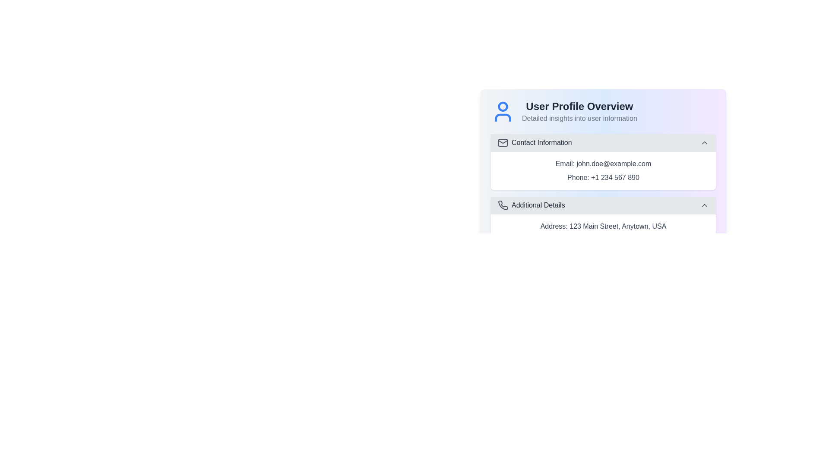 The width and height of the screenshot is (829, 466). What do you see at coordinates (603, 162) in the screenshot?
I see `the contact detail box titled 'Contact Information', which contains an email address 'john.doe@example.com' and a phone number '+1 234 567 890'` at bounding box center [603, 162].